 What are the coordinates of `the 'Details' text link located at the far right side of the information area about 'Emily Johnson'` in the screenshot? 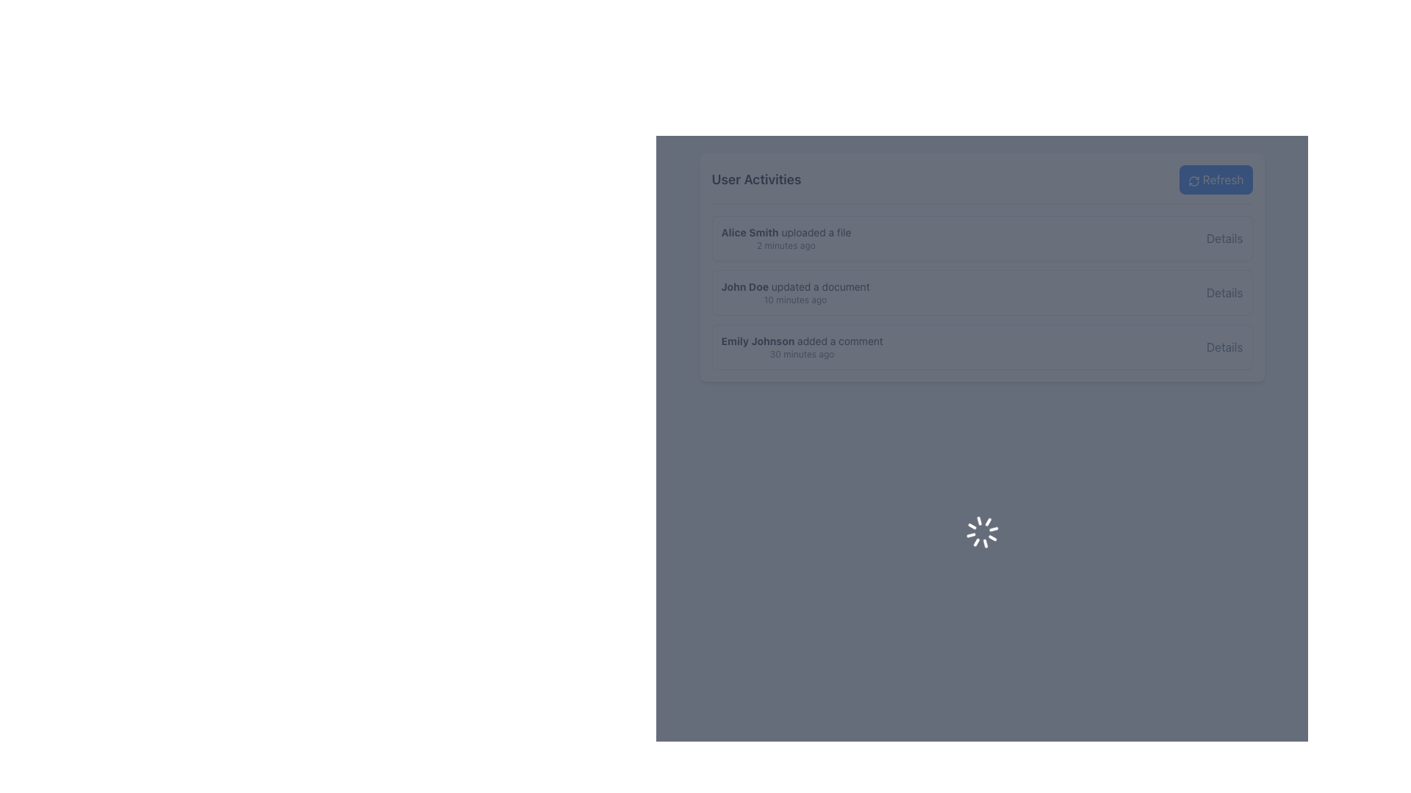 It's located at (1224, 347).